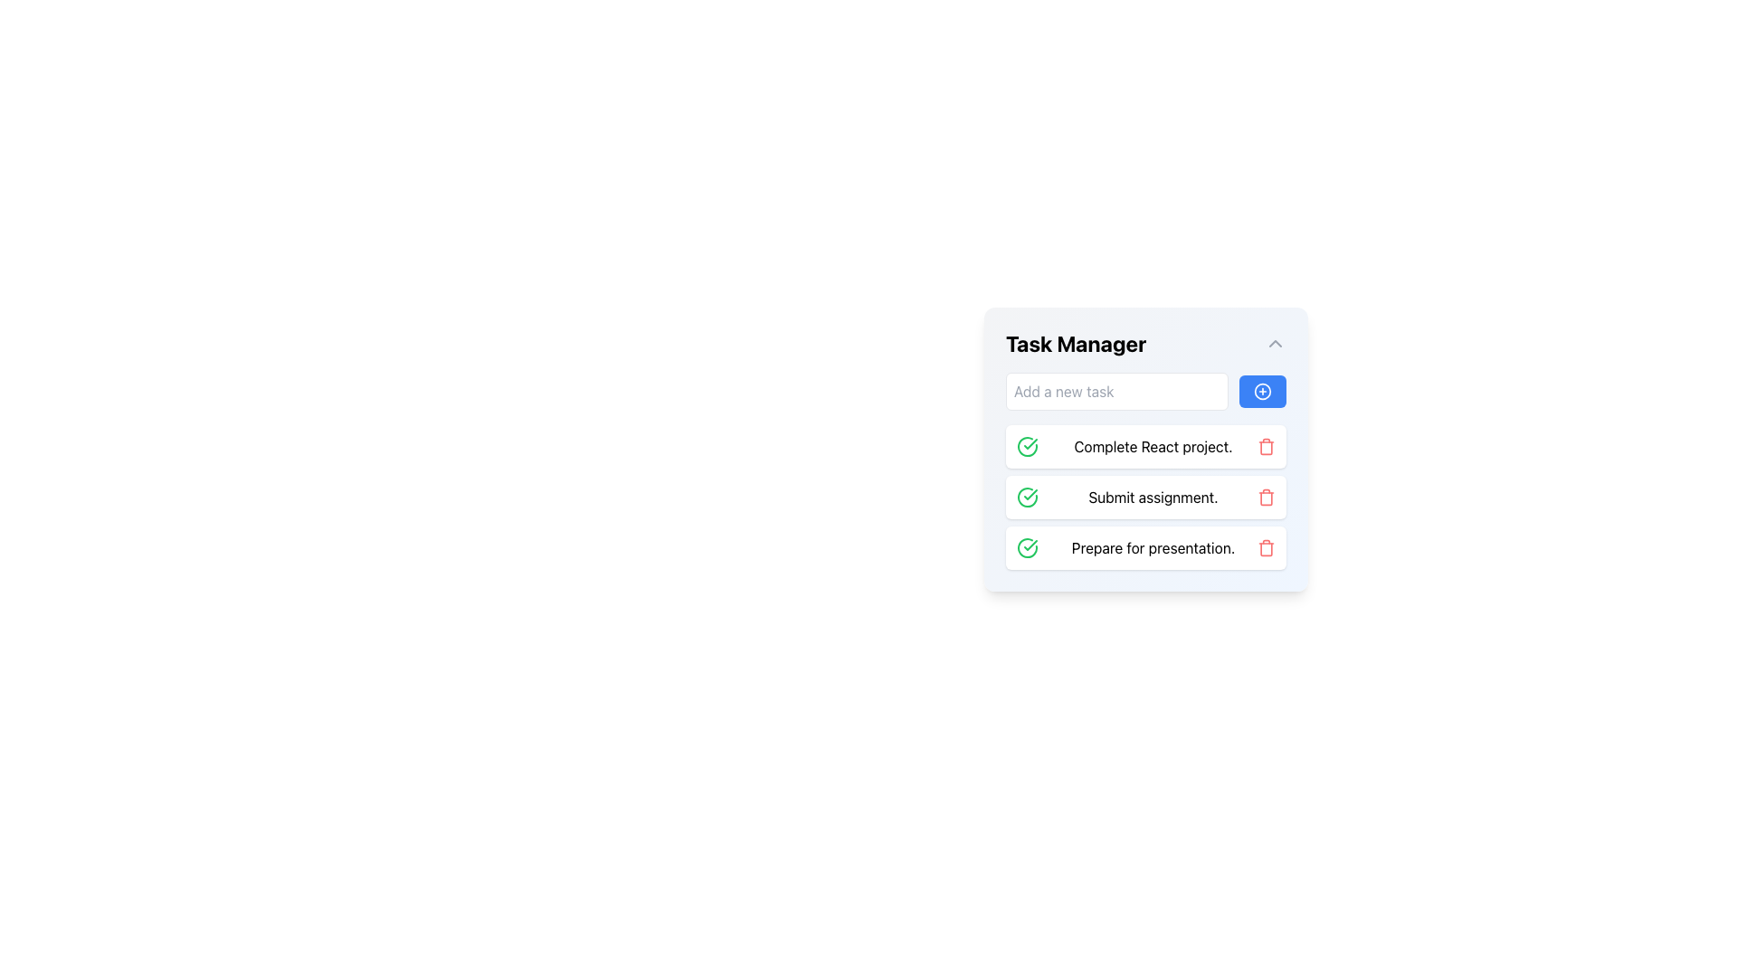 This screenshot has width=1737, height=977. What do you see at coordinates (1028, 546) in the screenshot?
I see `the green circular icon with a checkmark representing a completed task, located to the immediate left of the task description 'Prepare for presentation.'` at bounding box center [1028, 546].